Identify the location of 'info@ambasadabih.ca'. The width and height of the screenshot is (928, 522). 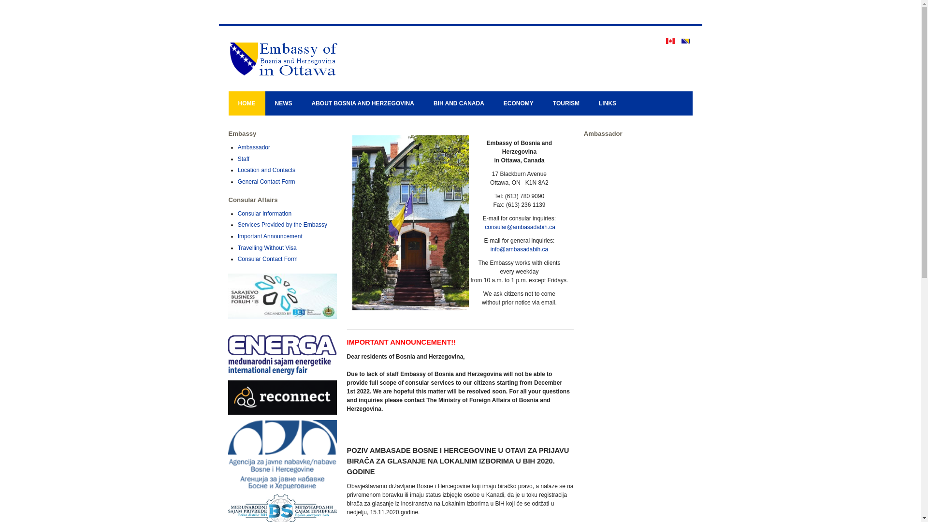
(519, 249).